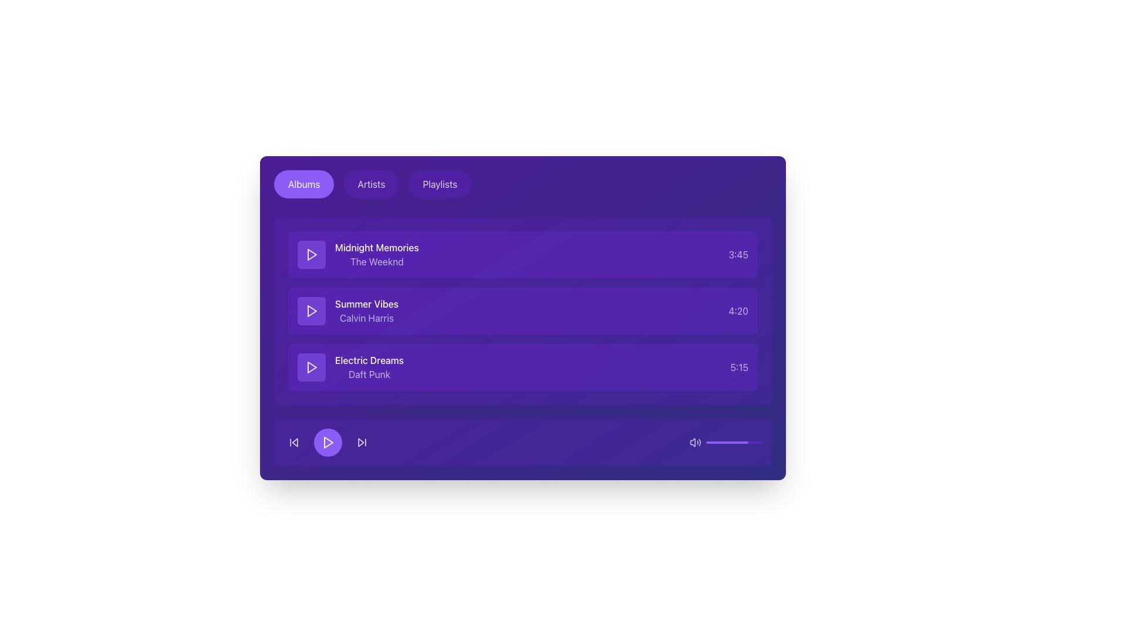 The image size is (1127, 634). Describe the element at coordinates (762, 442) in the screenshot. I see `the volume` at that location.